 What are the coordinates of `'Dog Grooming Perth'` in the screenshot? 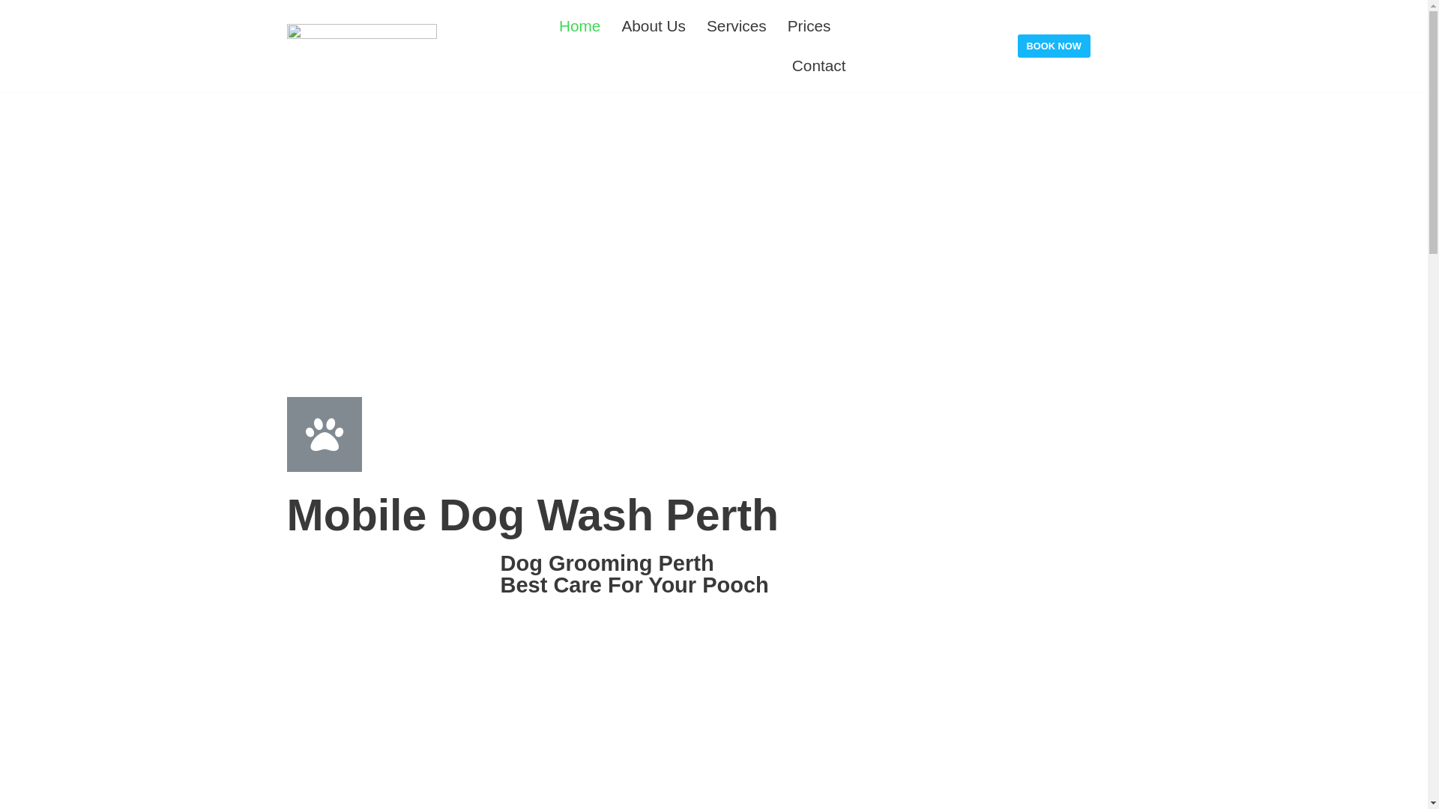 It's located at (607, 563).